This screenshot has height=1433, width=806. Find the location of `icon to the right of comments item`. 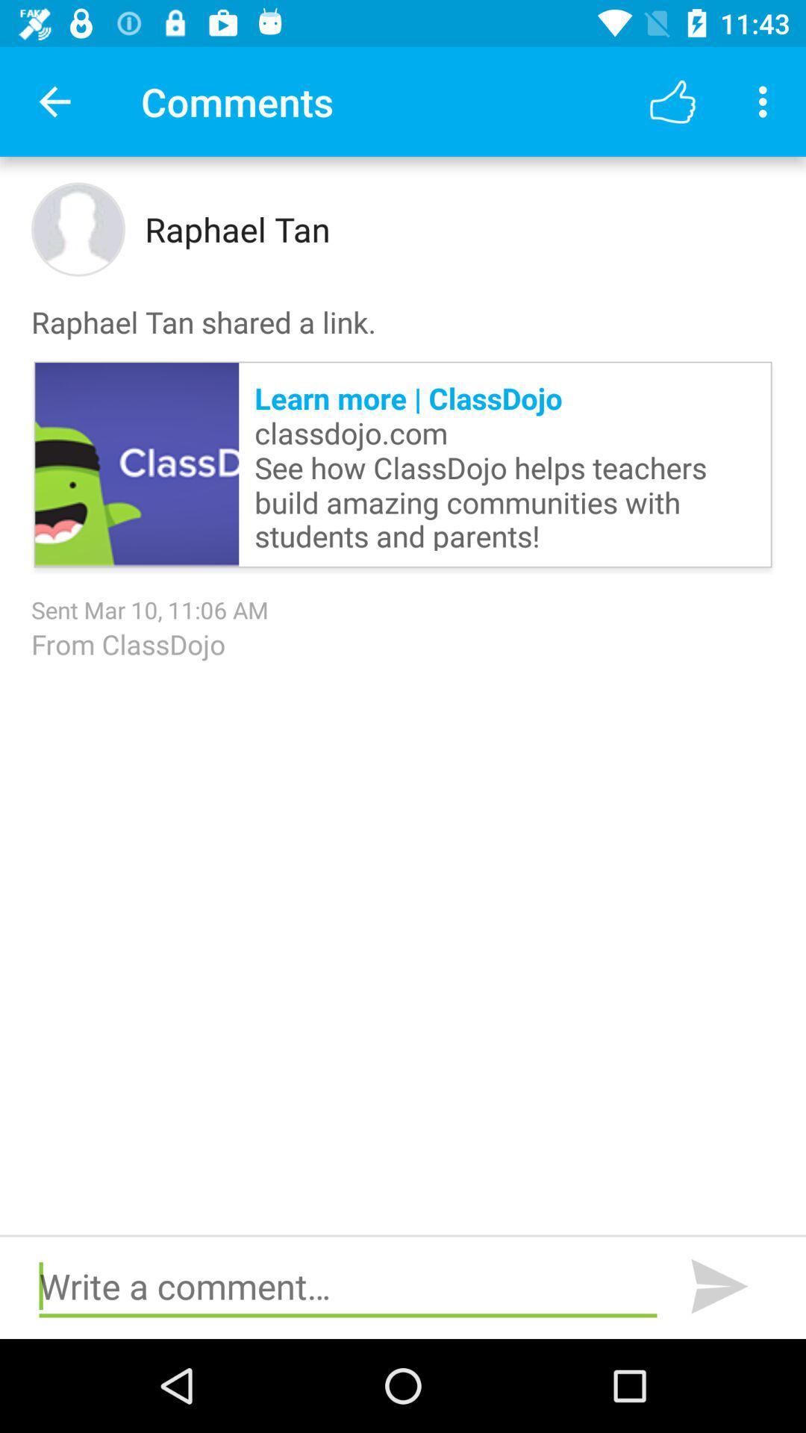

icon to the right of comments item is located at coordinates (672, 101).